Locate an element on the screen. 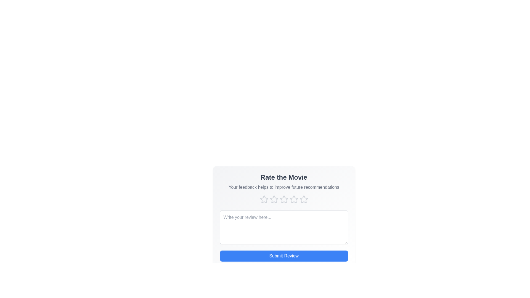 The width and height of the screenshot is (530, 298). the second star icon in the rating system to provide a rating is located at coordinates (274, 199).